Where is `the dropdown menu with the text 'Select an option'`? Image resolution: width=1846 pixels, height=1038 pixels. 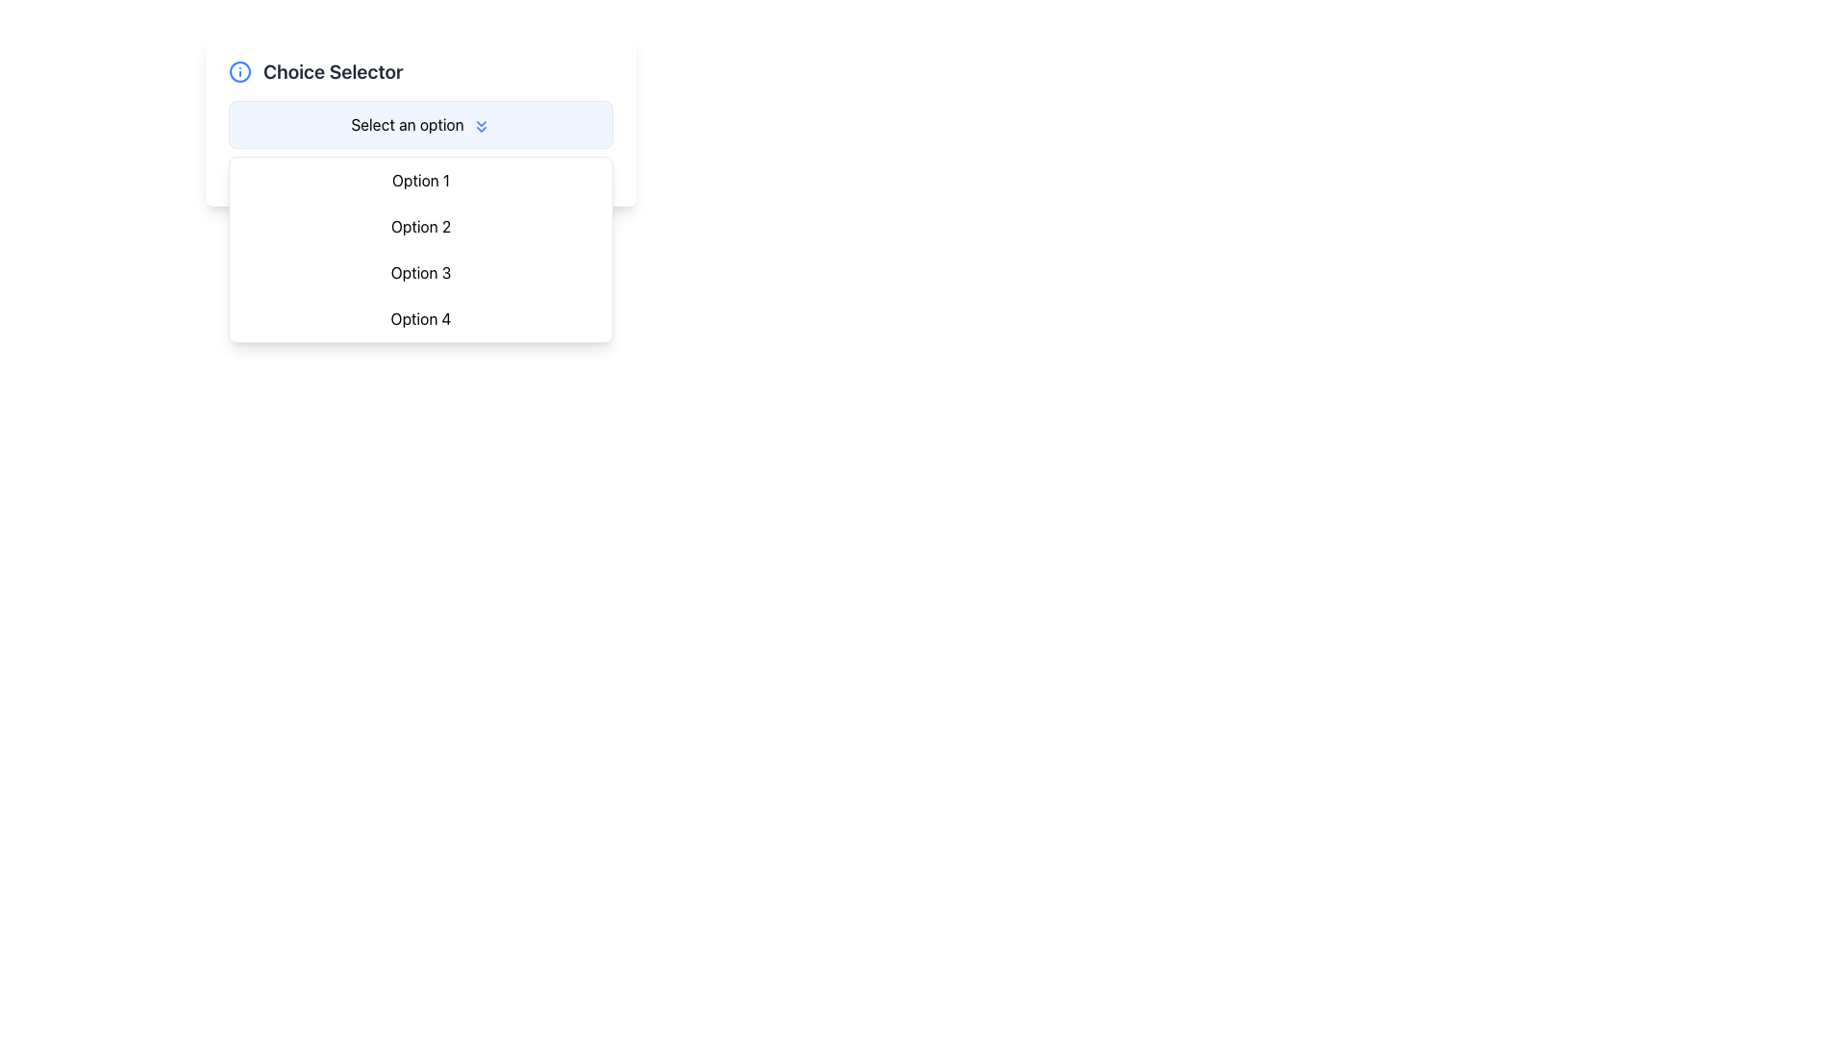
the dropdown menu with the text 'Select an option' is located at coordinates (419, 125).